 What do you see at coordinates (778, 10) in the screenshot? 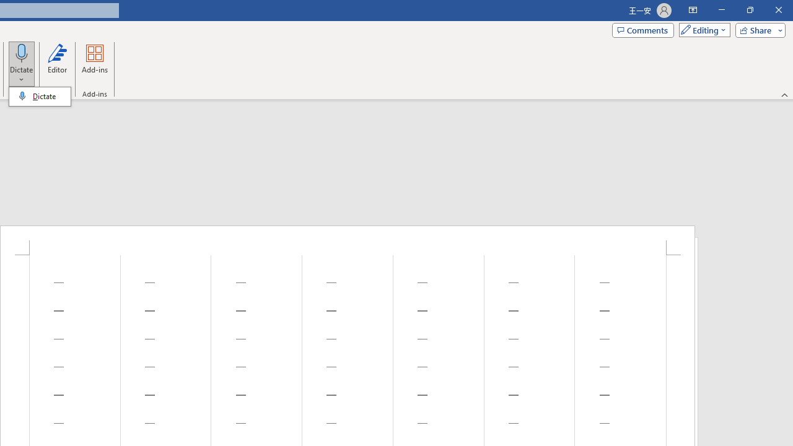
I see `'Close'` at bounding box center [778, 10].